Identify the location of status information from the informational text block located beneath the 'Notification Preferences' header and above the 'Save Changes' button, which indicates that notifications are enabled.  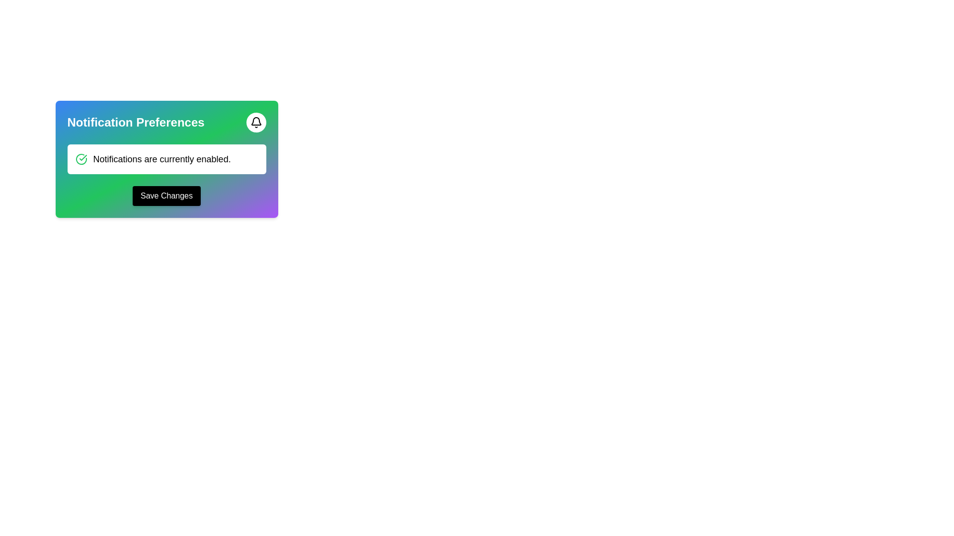
(166, 158).